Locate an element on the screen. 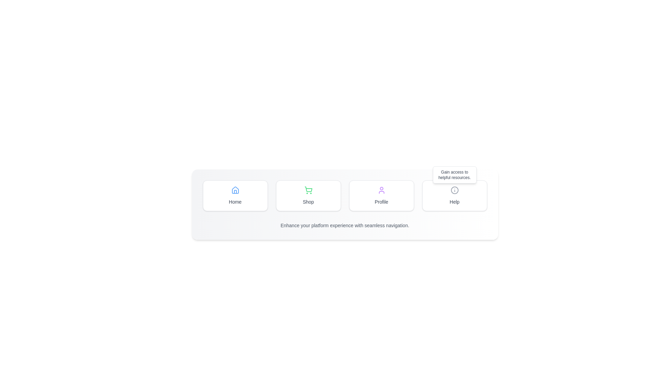 This screenshot has width=656, height=369. the purple profile icon located in the 'Profile' section of the navigation menu, positioned between the 'Shop' and 'Help' sections is located at coordinates (381, 190).